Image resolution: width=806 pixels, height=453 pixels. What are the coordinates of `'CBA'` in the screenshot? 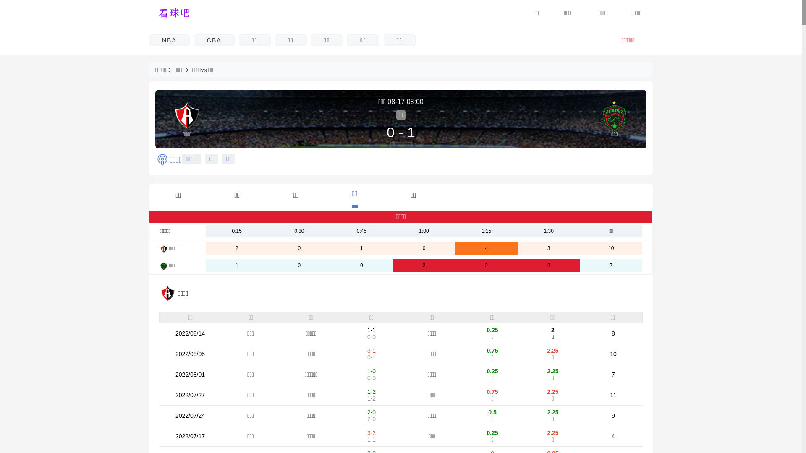 It's located at (214, 40).